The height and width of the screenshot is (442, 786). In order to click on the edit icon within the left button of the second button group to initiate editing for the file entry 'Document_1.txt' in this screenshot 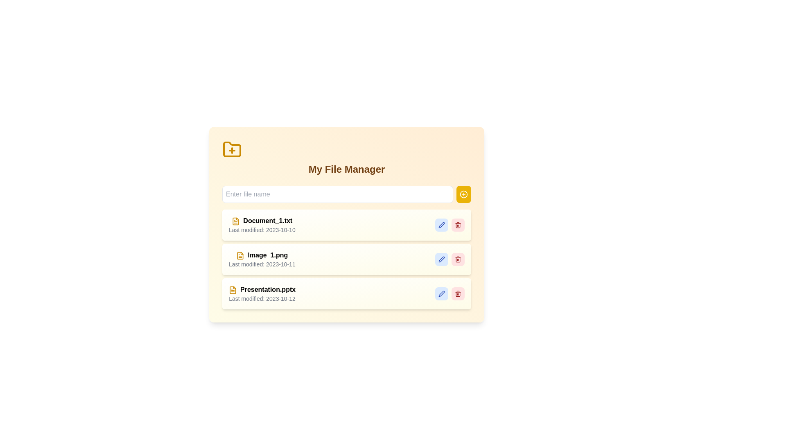, I will do `click(441, 225)`.